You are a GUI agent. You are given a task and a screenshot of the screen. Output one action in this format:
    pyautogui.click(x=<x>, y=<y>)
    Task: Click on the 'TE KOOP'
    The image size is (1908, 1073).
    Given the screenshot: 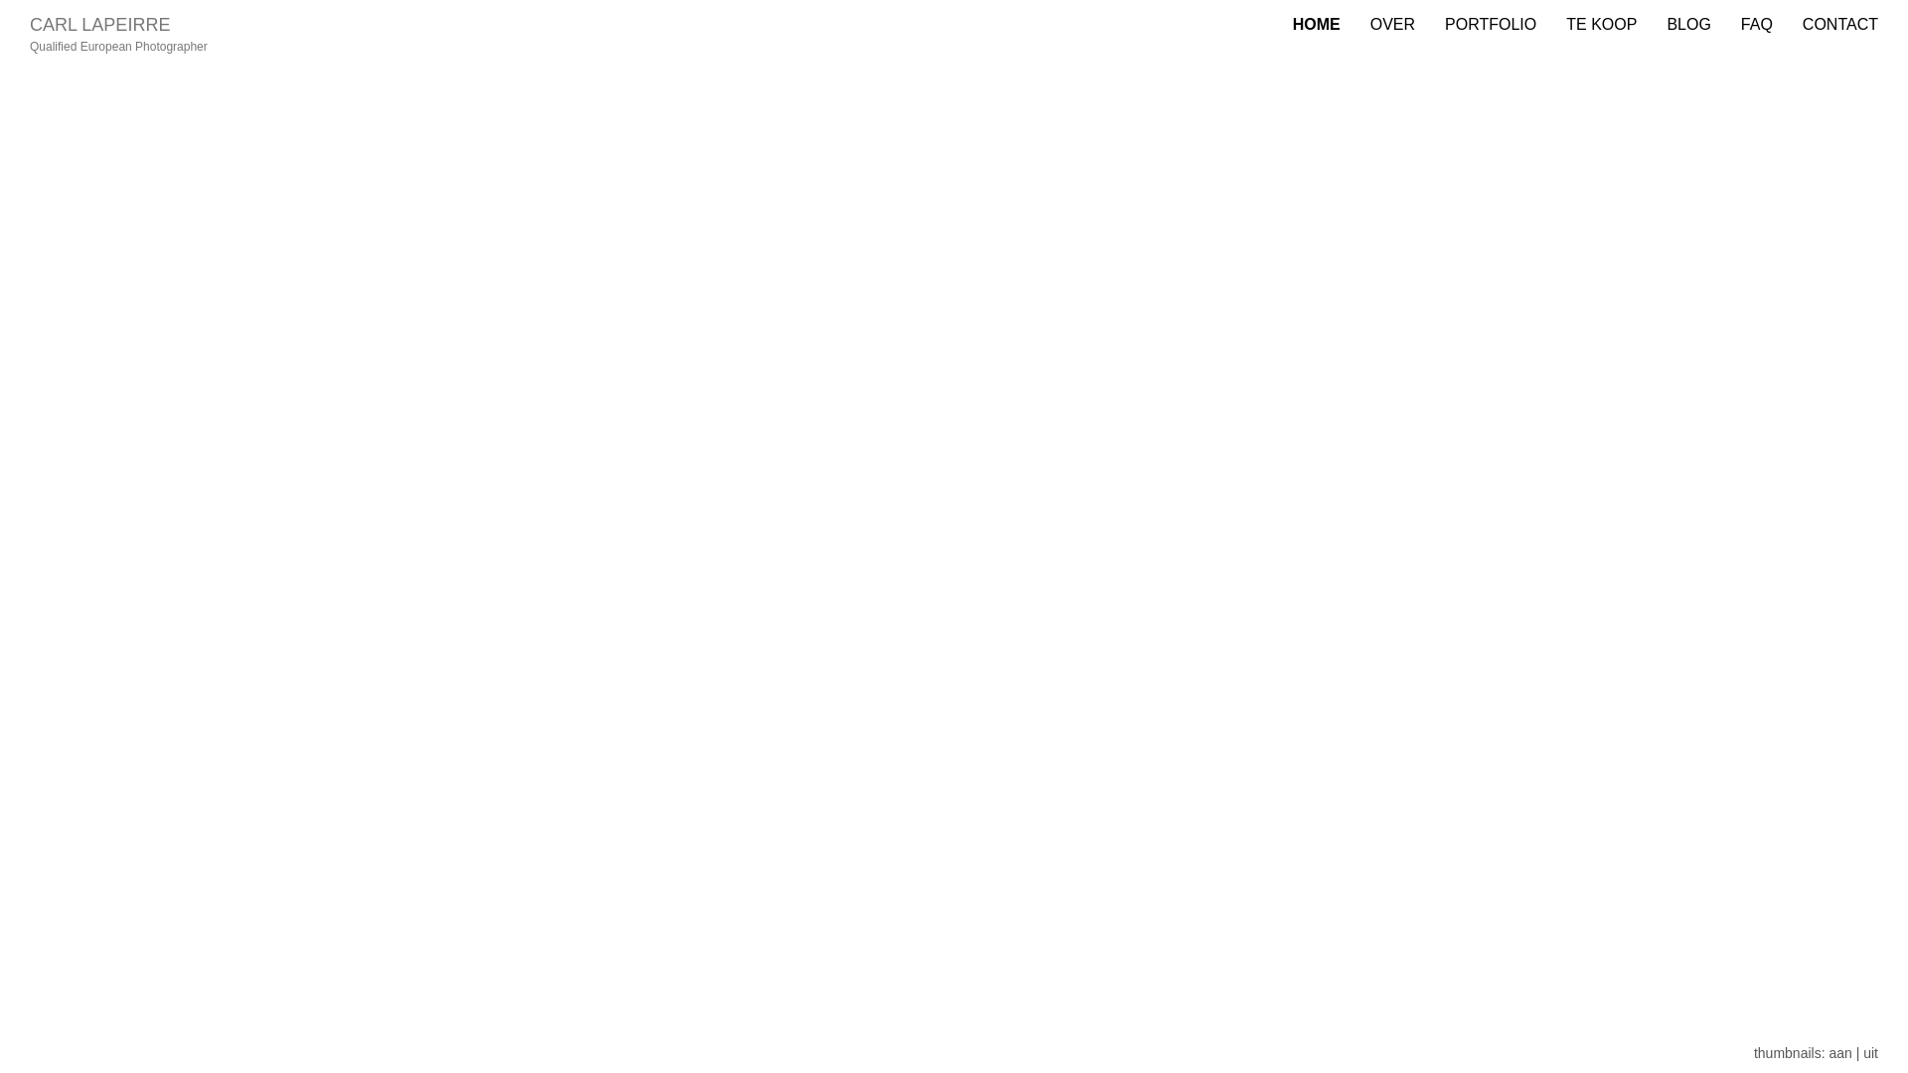 What is the action you would take?
    pyautogui.click(x=1601, y=24)
    